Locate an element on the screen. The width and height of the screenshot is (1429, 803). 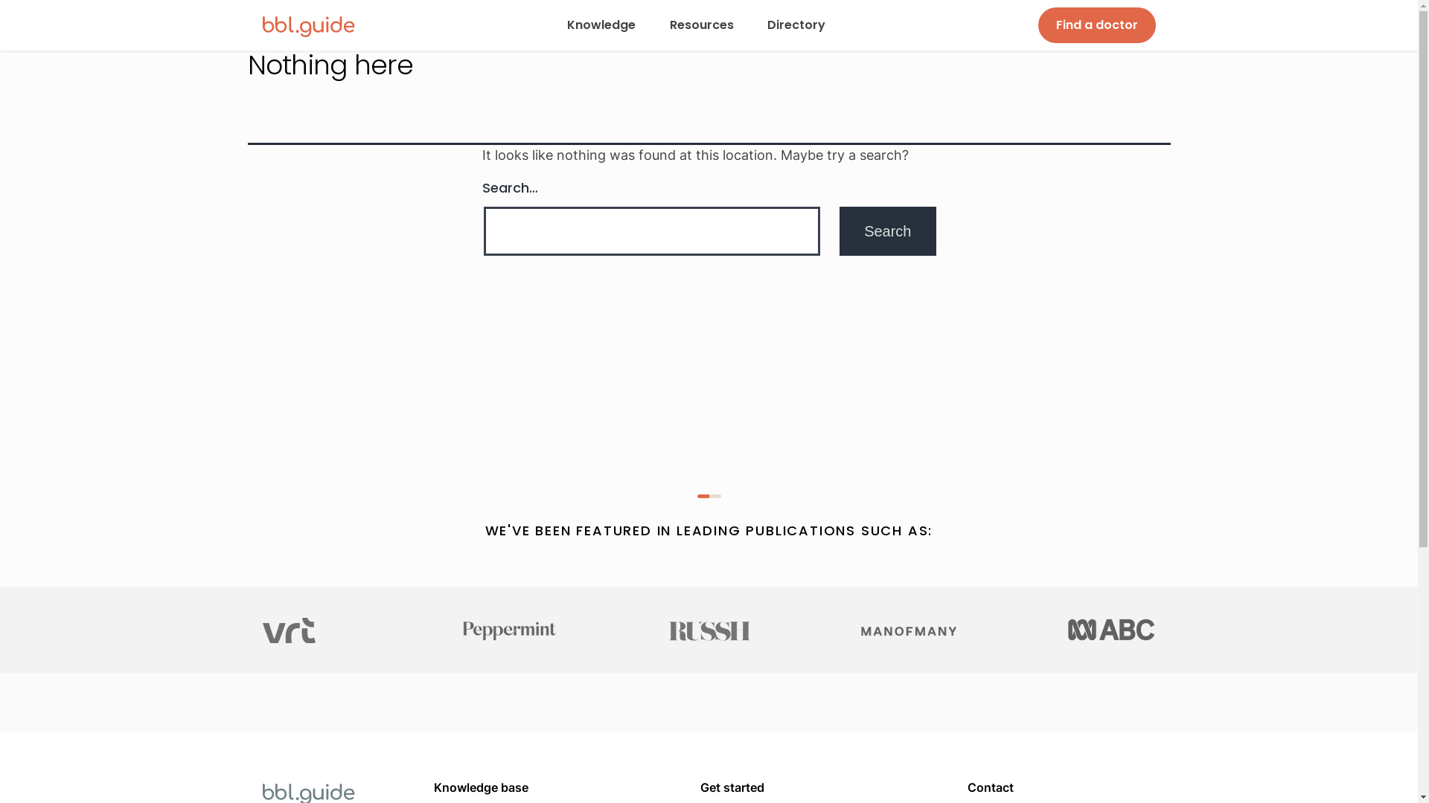
'Directory' is located at coordinates (764, 25).